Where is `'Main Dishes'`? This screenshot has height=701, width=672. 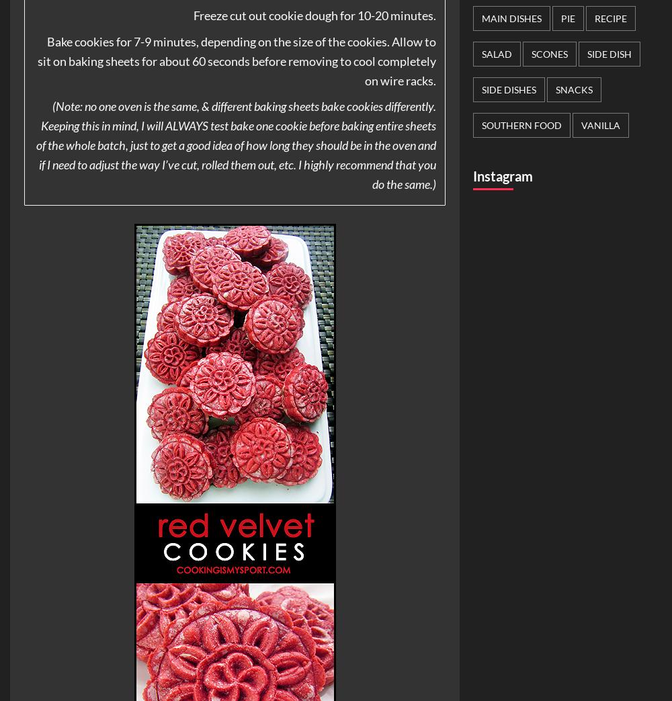
'Main Dishes' is located at coordinates (511, 17).